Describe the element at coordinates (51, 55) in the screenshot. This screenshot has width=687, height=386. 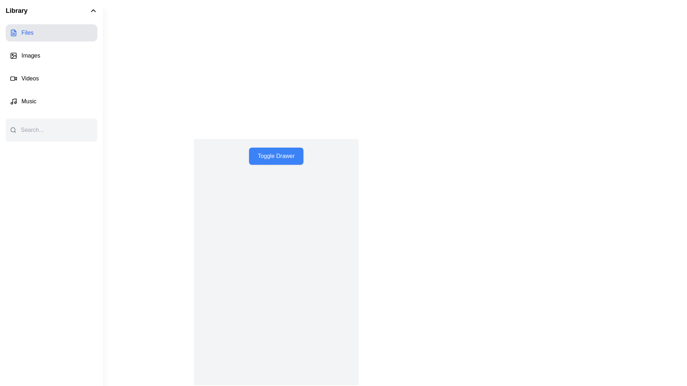
I see `the second menu item in the vertical navigation list located in the side panel, which directs to the images section` at that location.